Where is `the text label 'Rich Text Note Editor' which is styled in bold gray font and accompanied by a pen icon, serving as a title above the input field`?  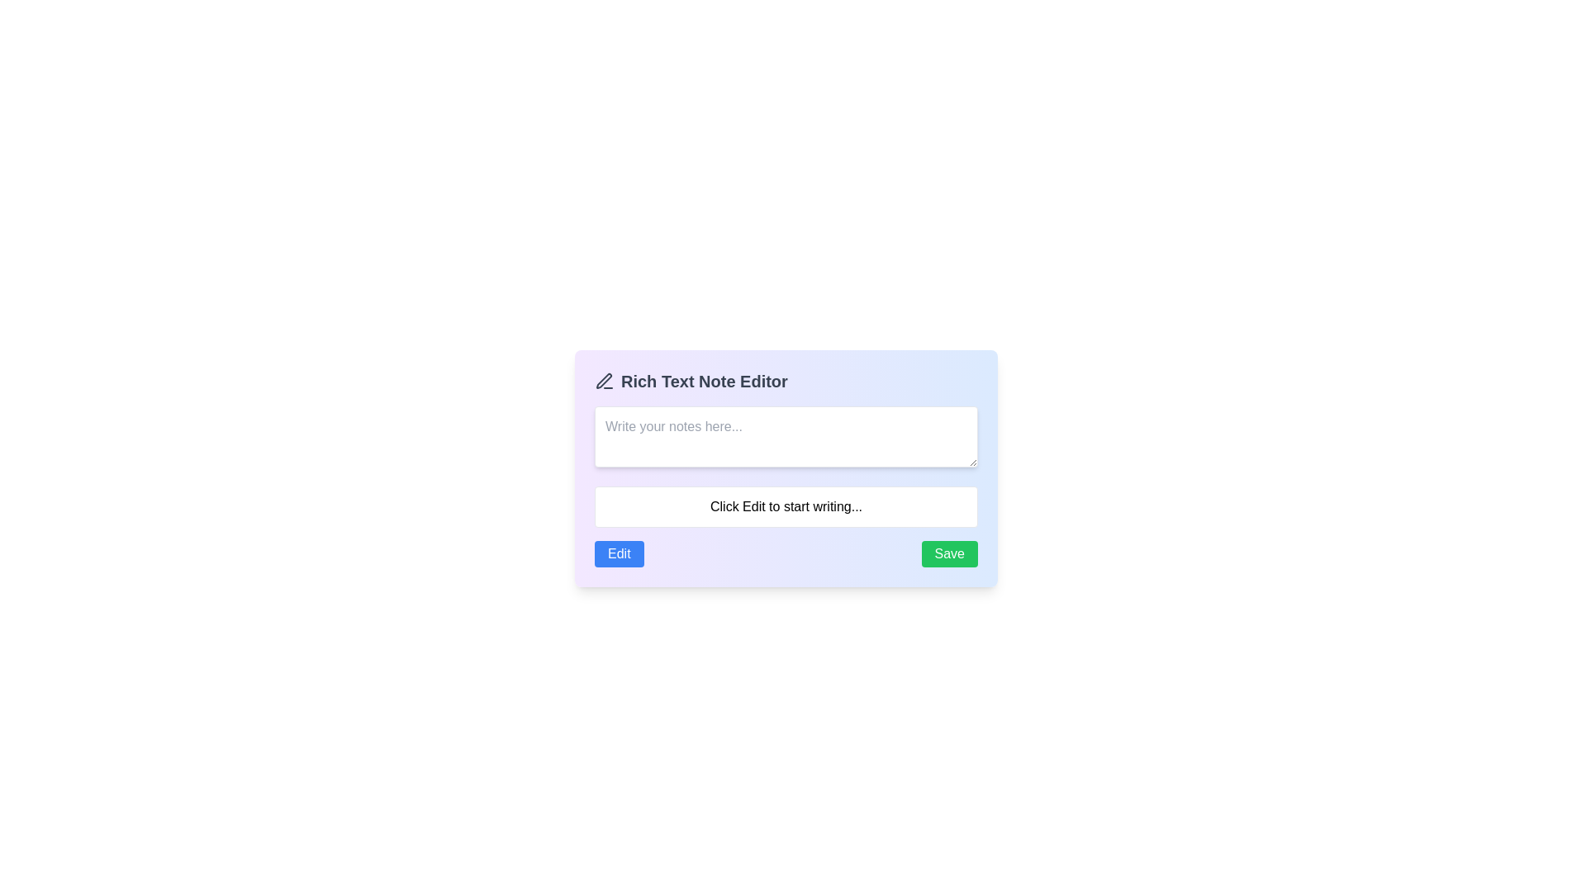 the text label 'Rich Text Note Editor' which is styled in bold gray font and accompanied by a pen icon, serving as a title above the input field is located at coordinates (785, 382).